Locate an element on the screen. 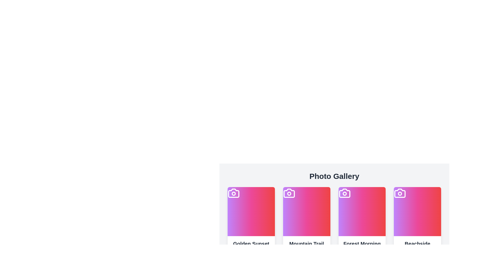 The width and height of the screenshot is (491, 276). the camera icon SVG graphic component located at the top-middle of the 'Beachside' card, which symbolizes photo-related content is located at coordinates (400, 193).